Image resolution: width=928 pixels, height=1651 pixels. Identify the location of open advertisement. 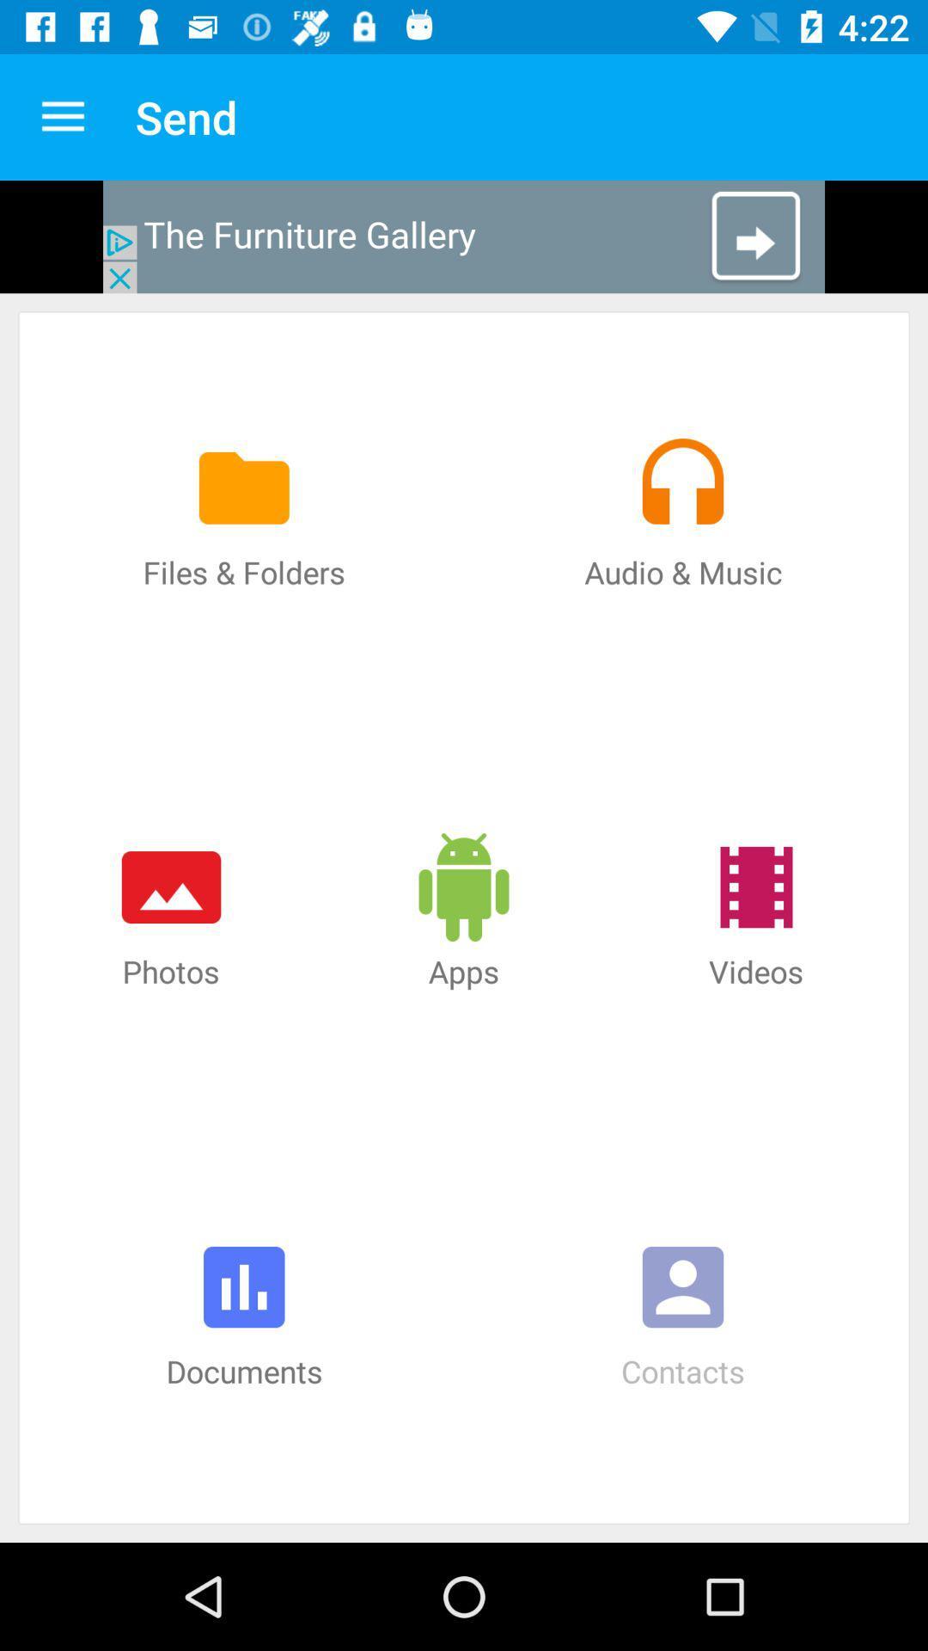
(464, 236).